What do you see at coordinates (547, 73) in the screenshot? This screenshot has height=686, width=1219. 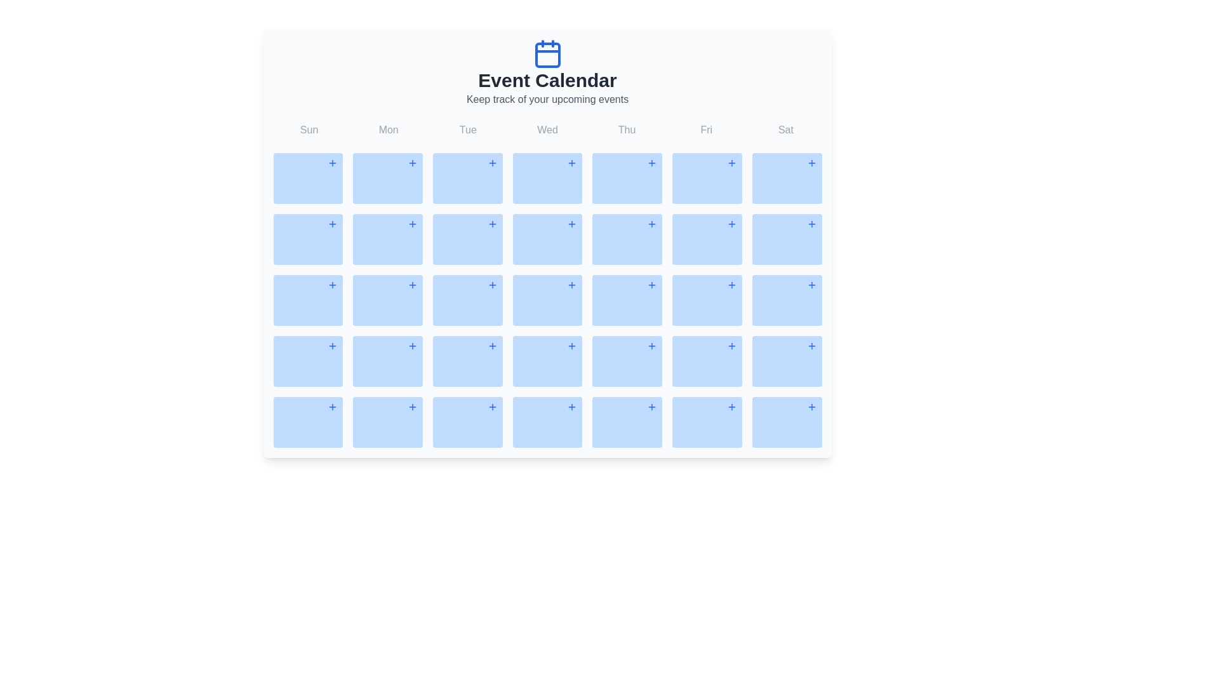 I see `the header section containing the blue calendar icon and the text 'Event Calendar' and 'Keep track of your upcoming events'` at bounding box center [547, 73].